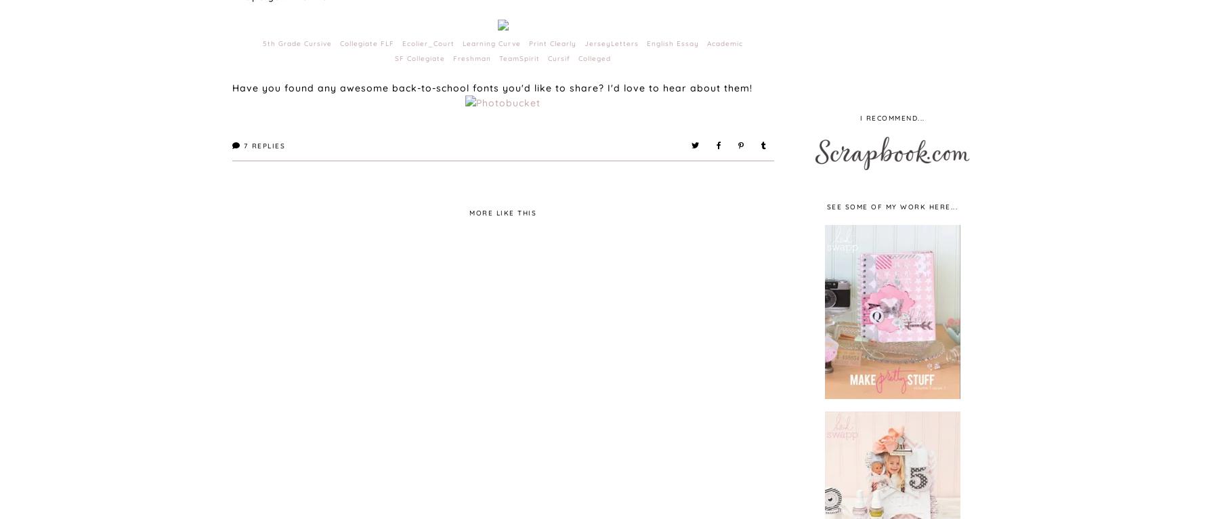 The width and height of the screenshot is (1209, 519). I want to click on 'Cursif', so click(561, 58).